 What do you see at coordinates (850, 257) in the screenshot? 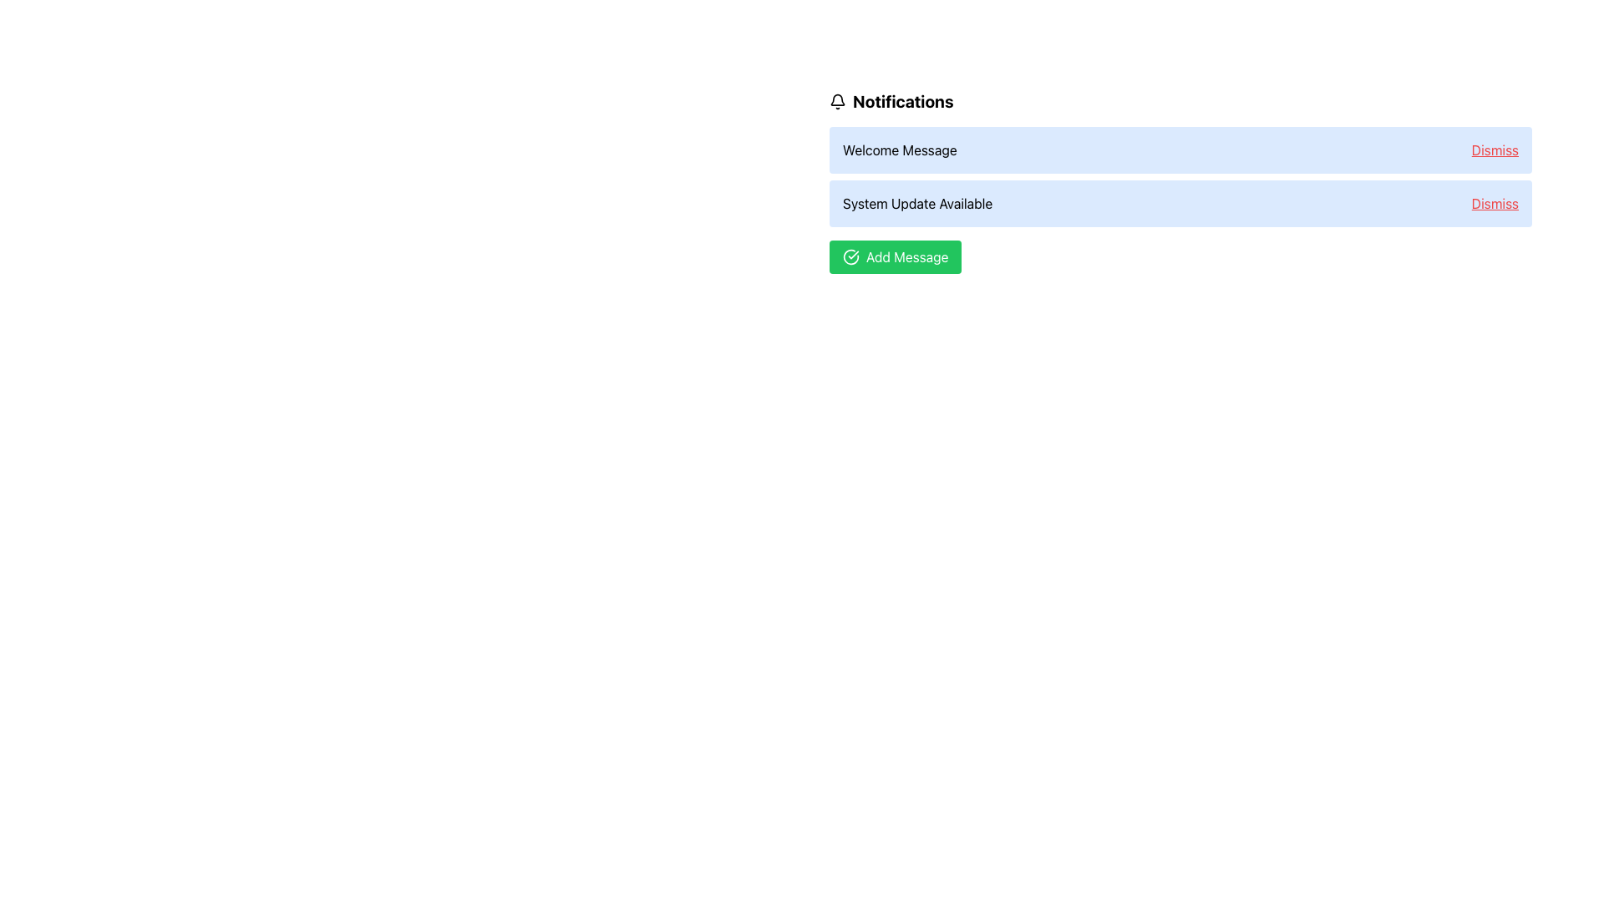
I see `the circular green checkmark icon located to the left of the 'Add Message' text, which is part of a green button below the main notification list` at bounding box center [850, 257].